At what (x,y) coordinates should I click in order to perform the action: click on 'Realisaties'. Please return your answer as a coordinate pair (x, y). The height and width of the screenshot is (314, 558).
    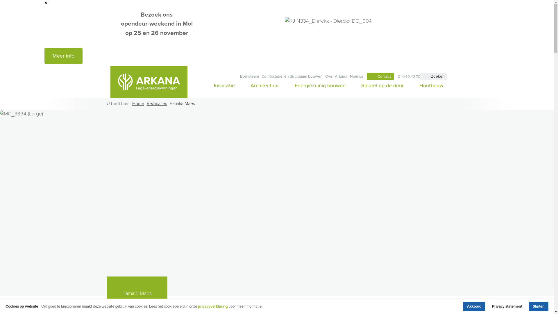
    Looking at the image, I should click on (156, 104).